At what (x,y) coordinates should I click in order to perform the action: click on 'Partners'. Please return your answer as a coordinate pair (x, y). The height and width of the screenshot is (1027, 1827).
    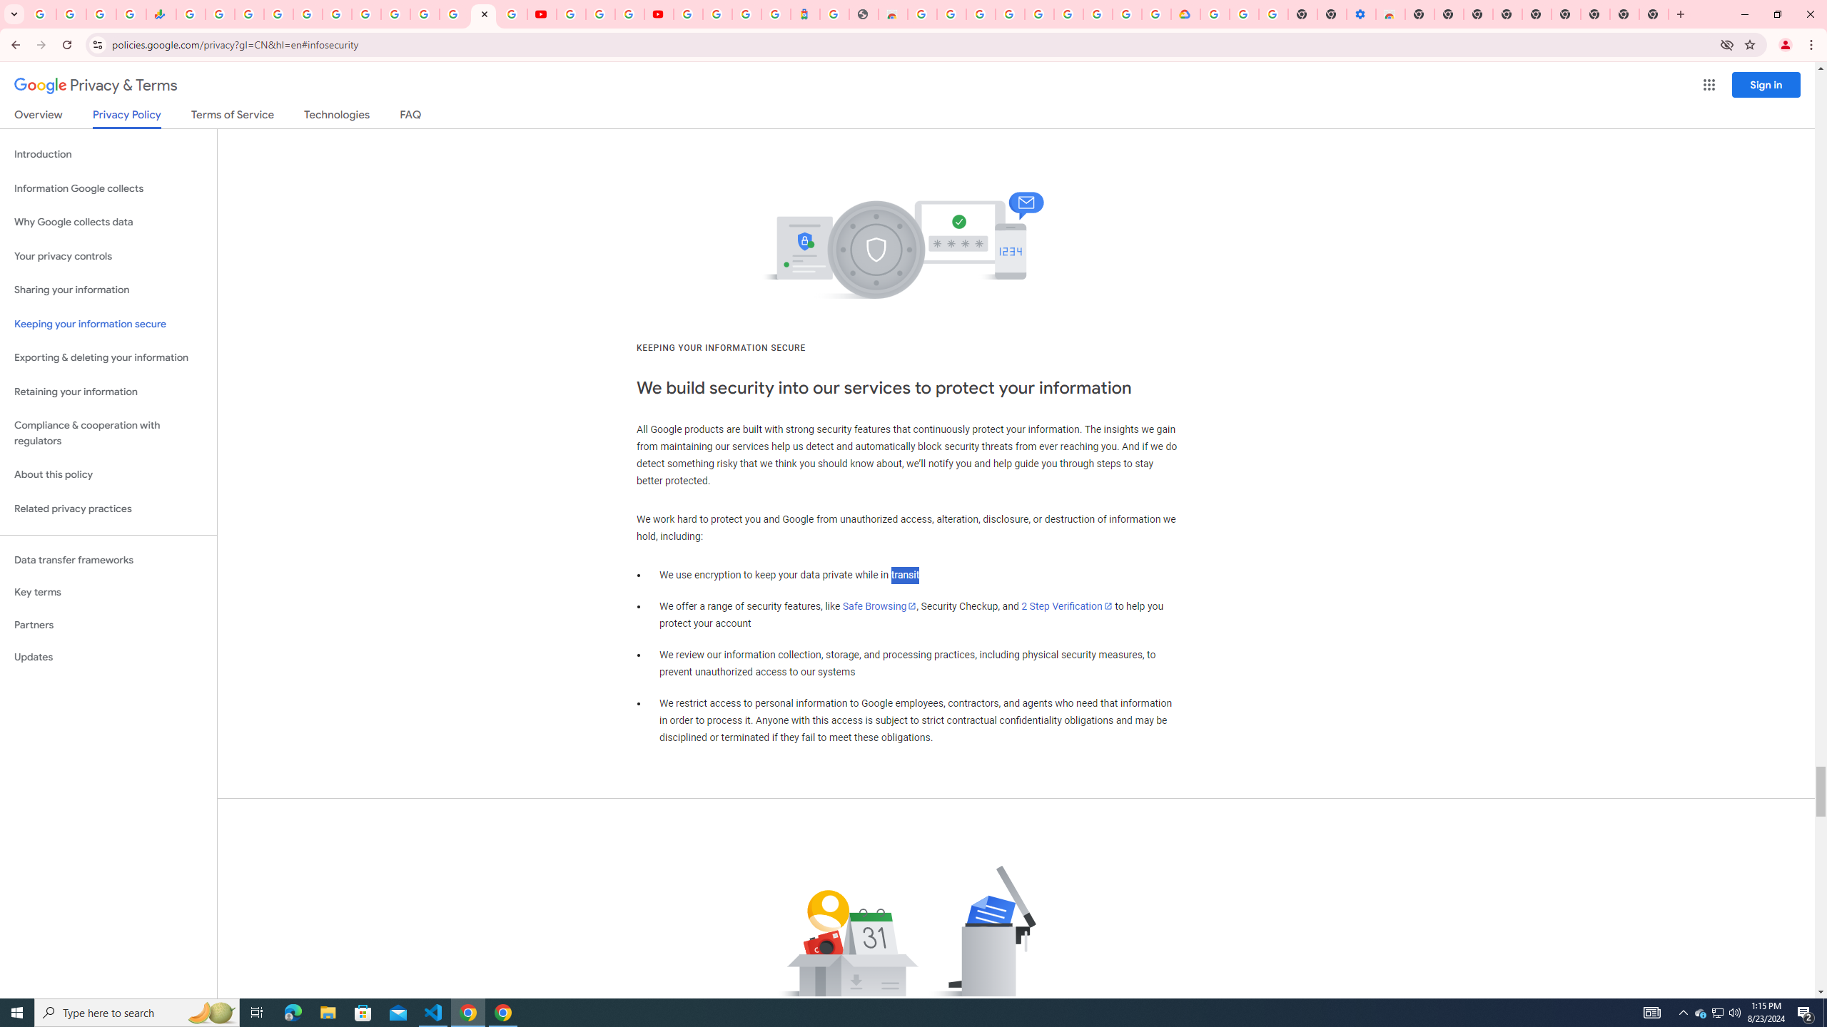
    Looking at the image, I should click on (108, 625).